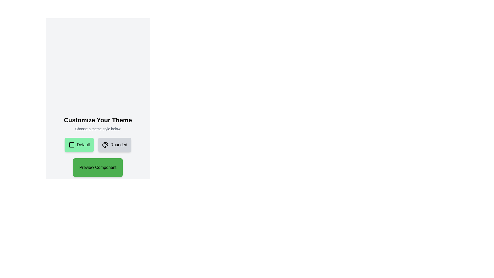 This screenshot has height=278, width=494. Describe the element at coordinates (114, 145) in the screenshot. I see `the rounded button with a gray background and 'Rounded' text aligned to the right of a paint palette icon for possible visual feedback` at that location.